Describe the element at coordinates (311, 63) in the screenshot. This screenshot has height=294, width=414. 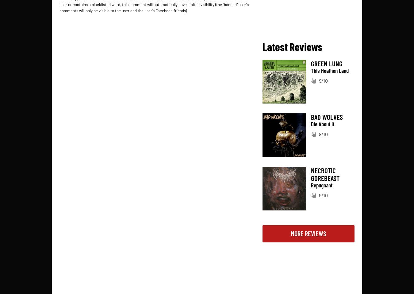
I see `'GREEN LUNG'` at that location.